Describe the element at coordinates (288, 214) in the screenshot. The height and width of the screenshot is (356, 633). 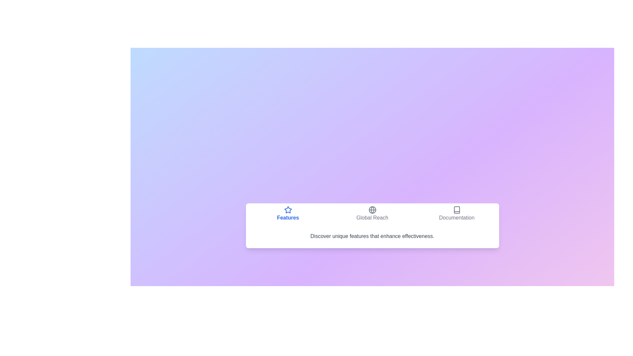
I see `the tab labeled Features` at that location.